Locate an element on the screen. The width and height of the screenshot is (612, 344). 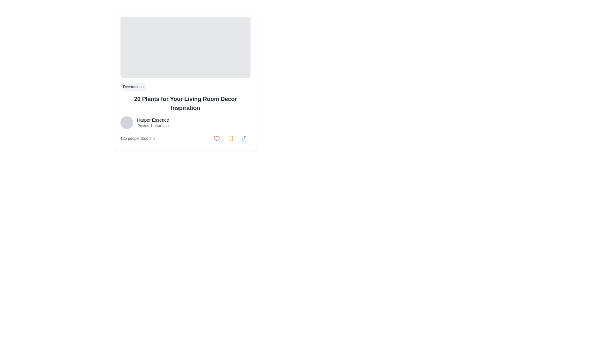
the text label displaying 'Posted 1 hour ago', which is styled in a small light gray font and located below the username 'Harper Essence' is located at coordinates (153, 125).